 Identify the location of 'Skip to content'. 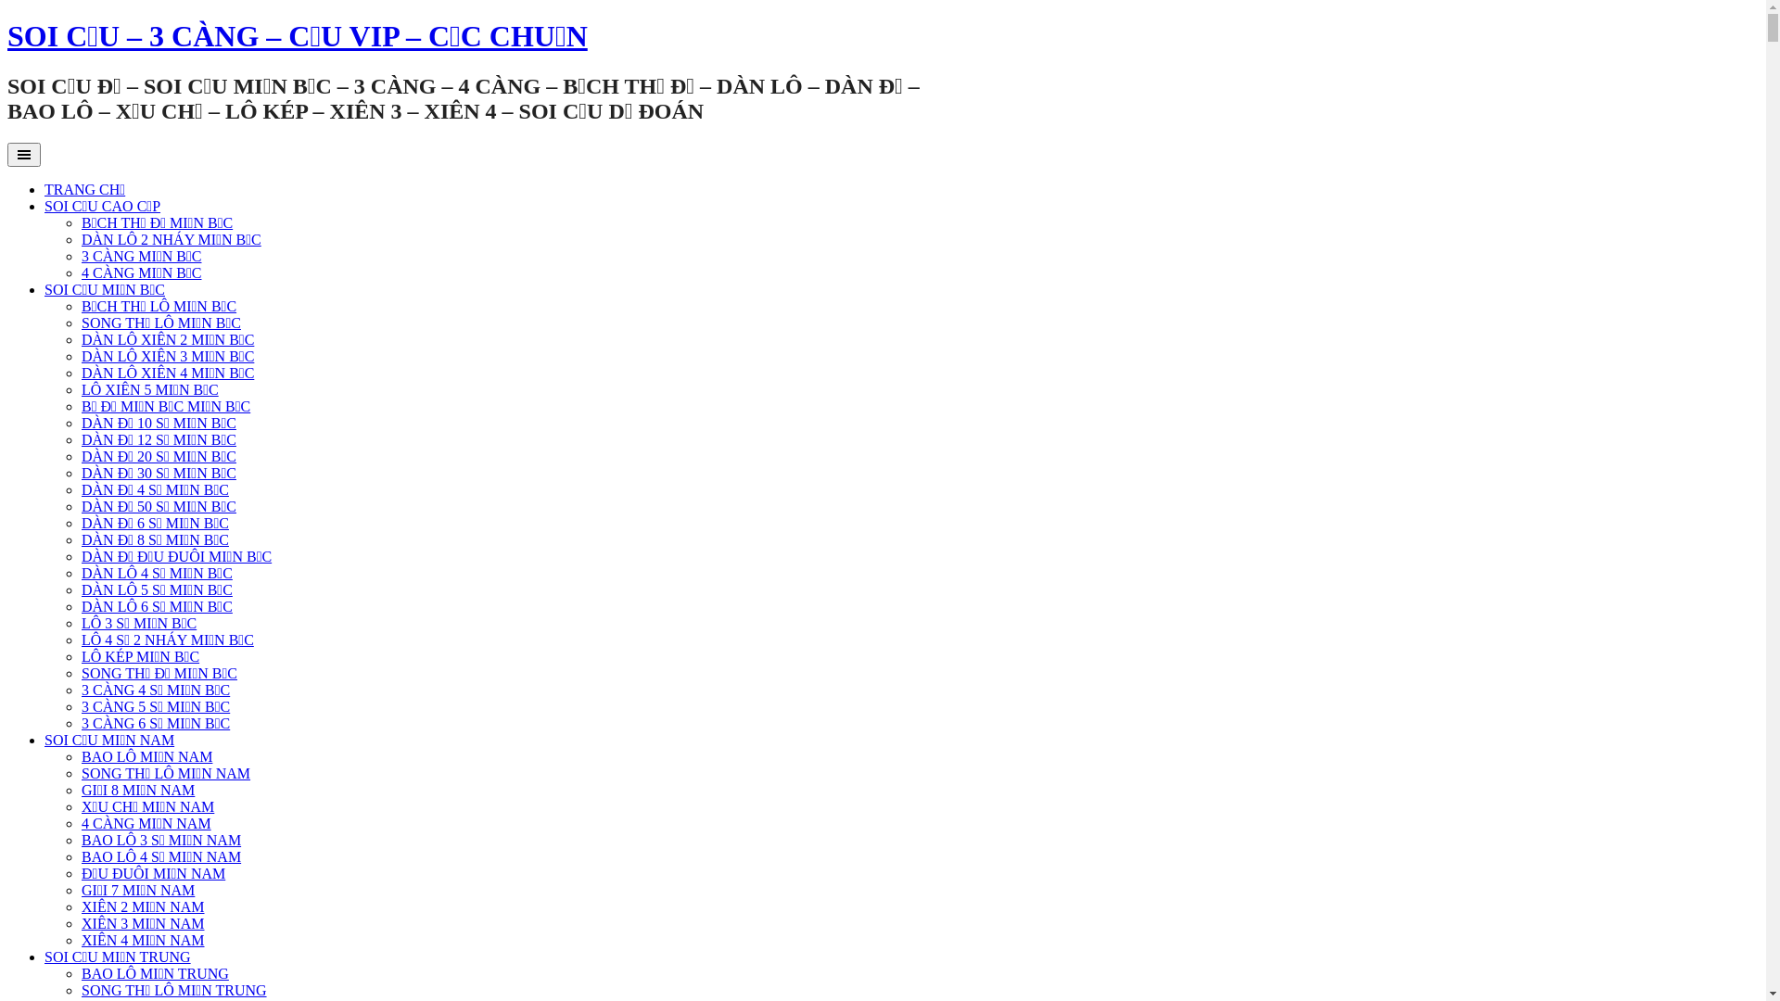
(6, 19).